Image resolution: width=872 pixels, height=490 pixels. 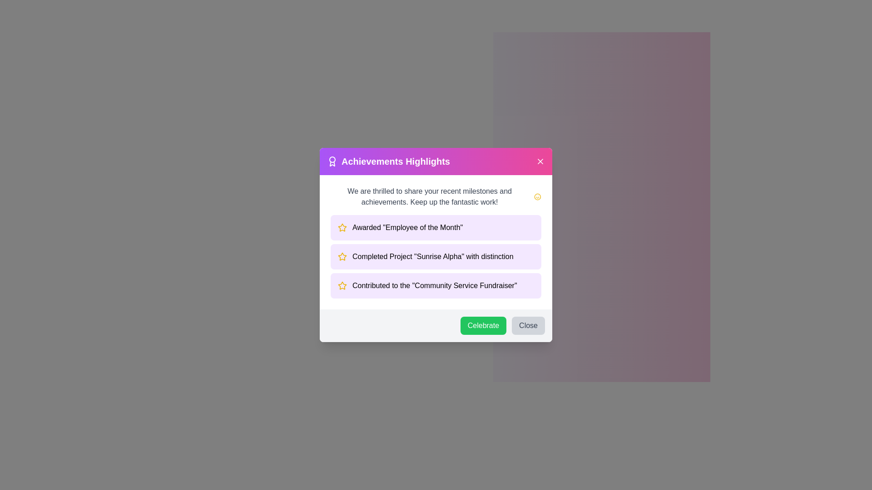 I want to click on the star icon with a yellow outline, located to the left of the text 'Completed Project "Sunrise Alpha" with distinction', so click(x=342, y=257).